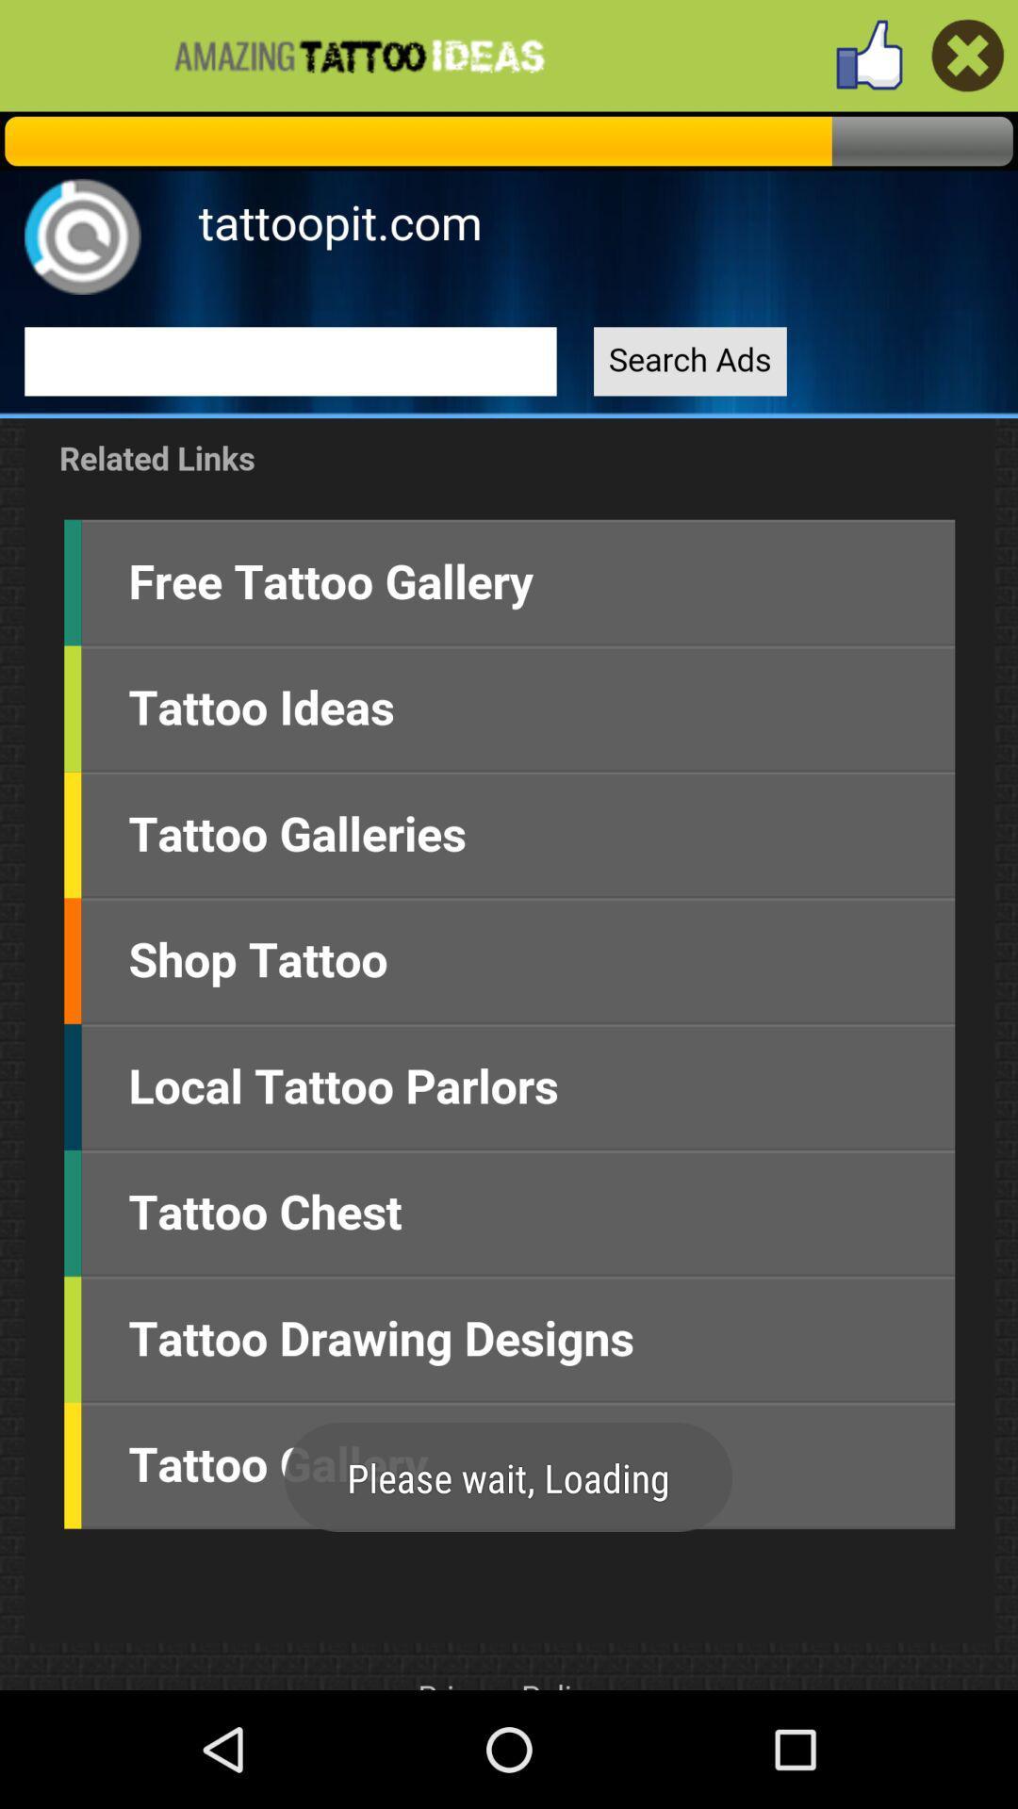 The width and height of the screenshot is (1018, 1809). I want to click on home screen, so click(509, 900).